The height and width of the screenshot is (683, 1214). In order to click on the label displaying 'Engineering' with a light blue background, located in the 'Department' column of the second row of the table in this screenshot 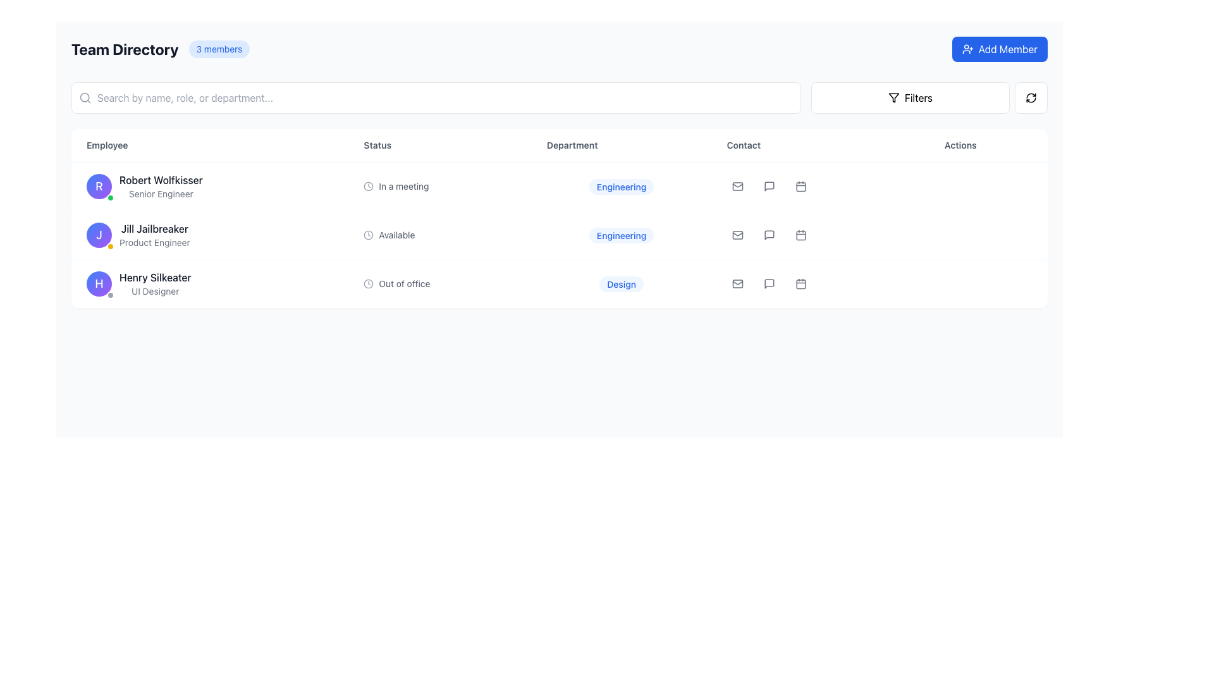, I will do `click(622, 235)`.